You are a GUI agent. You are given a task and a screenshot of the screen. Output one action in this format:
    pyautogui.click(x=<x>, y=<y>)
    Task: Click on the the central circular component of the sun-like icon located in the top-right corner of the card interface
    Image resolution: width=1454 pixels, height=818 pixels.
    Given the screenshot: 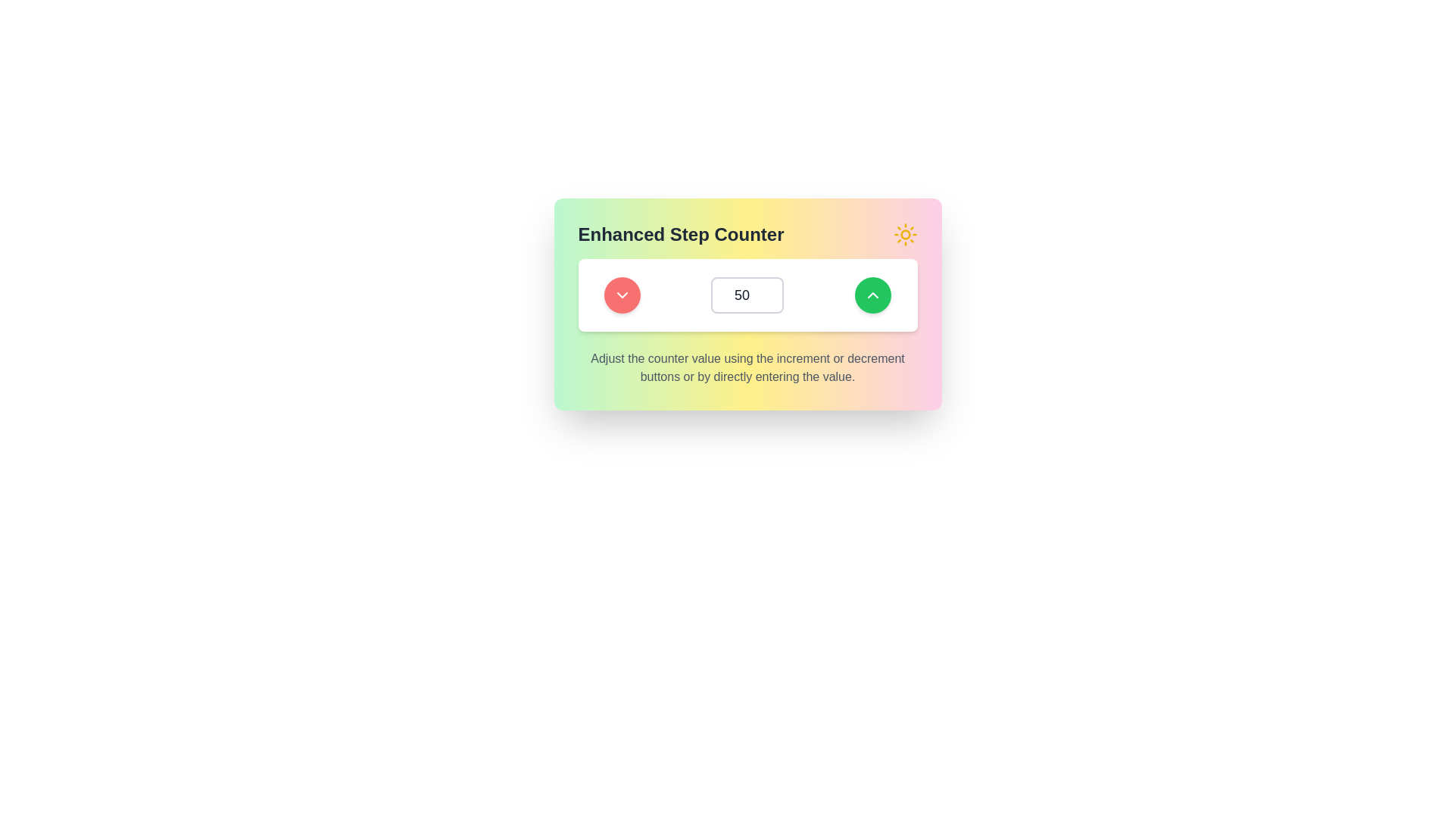 What is the action you would take?
    pyautogui.click(x=905, y=234)
    